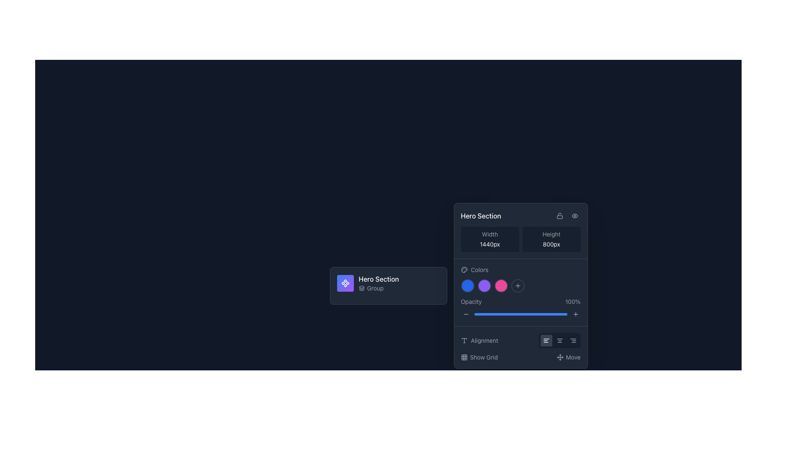  I want to click on the Icon button with three horizontal lines in the upper-right portion of a dark grey box, so click(546, 340).